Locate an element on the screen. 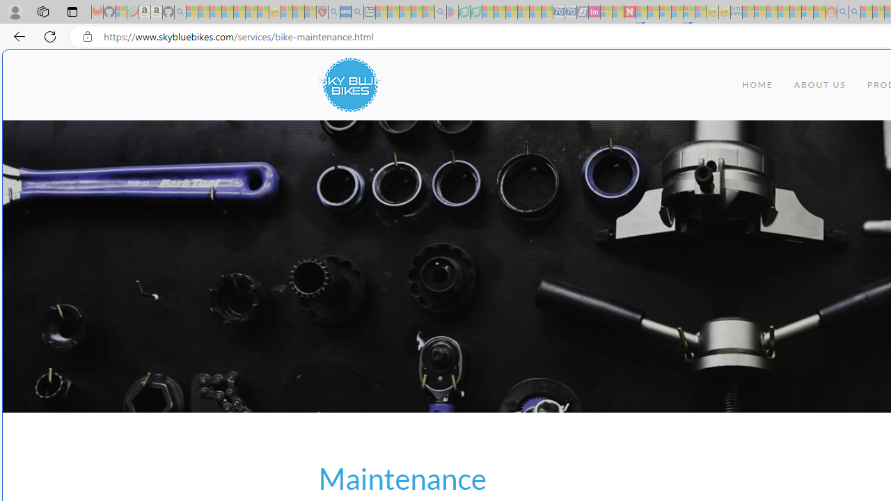 This screenshot has height=501, width=891. 'google - Search - Sleeping' is located at coordinates (439, 12).